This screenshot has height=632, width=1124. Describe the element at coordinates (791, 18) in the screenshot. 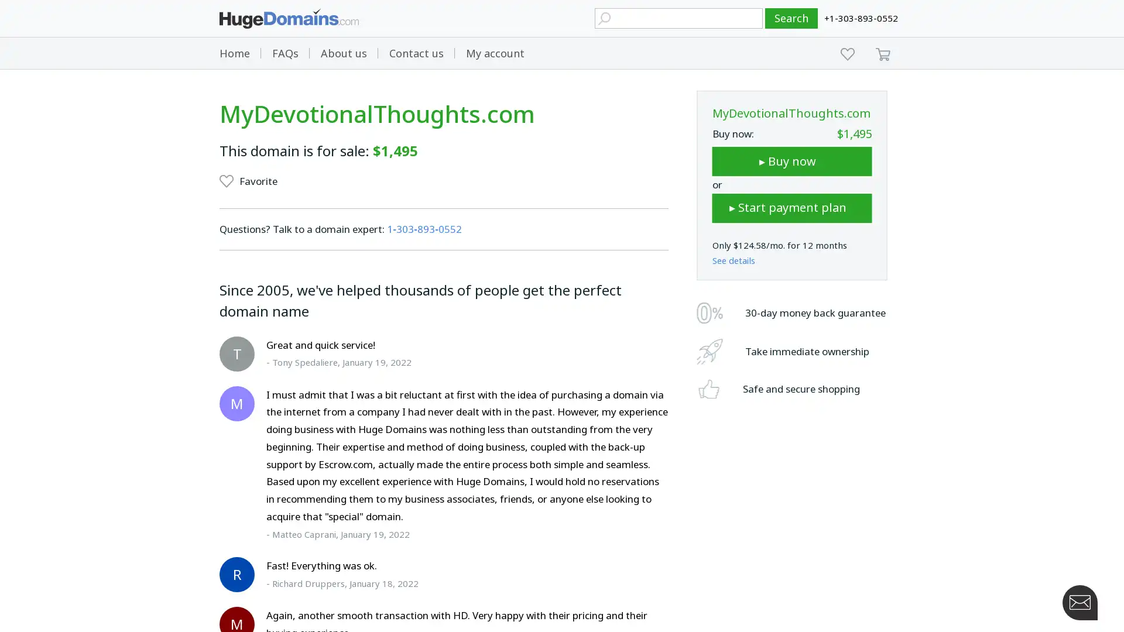

I see `Search` at that location.